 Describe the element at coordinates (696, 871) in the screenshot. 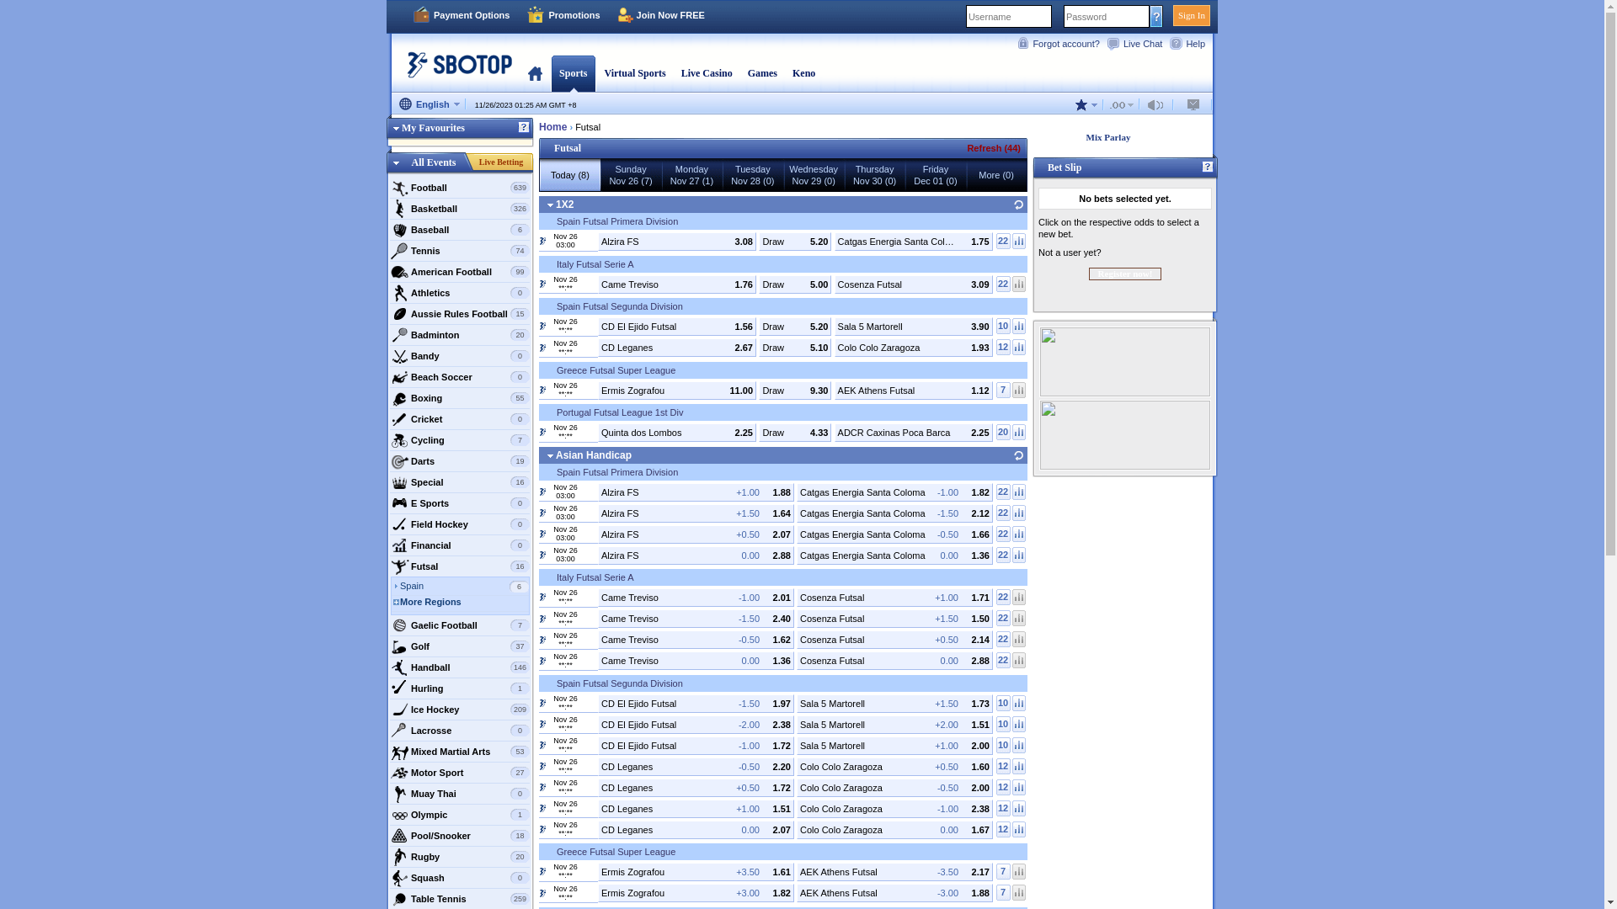

I see `'1.61` at that location.